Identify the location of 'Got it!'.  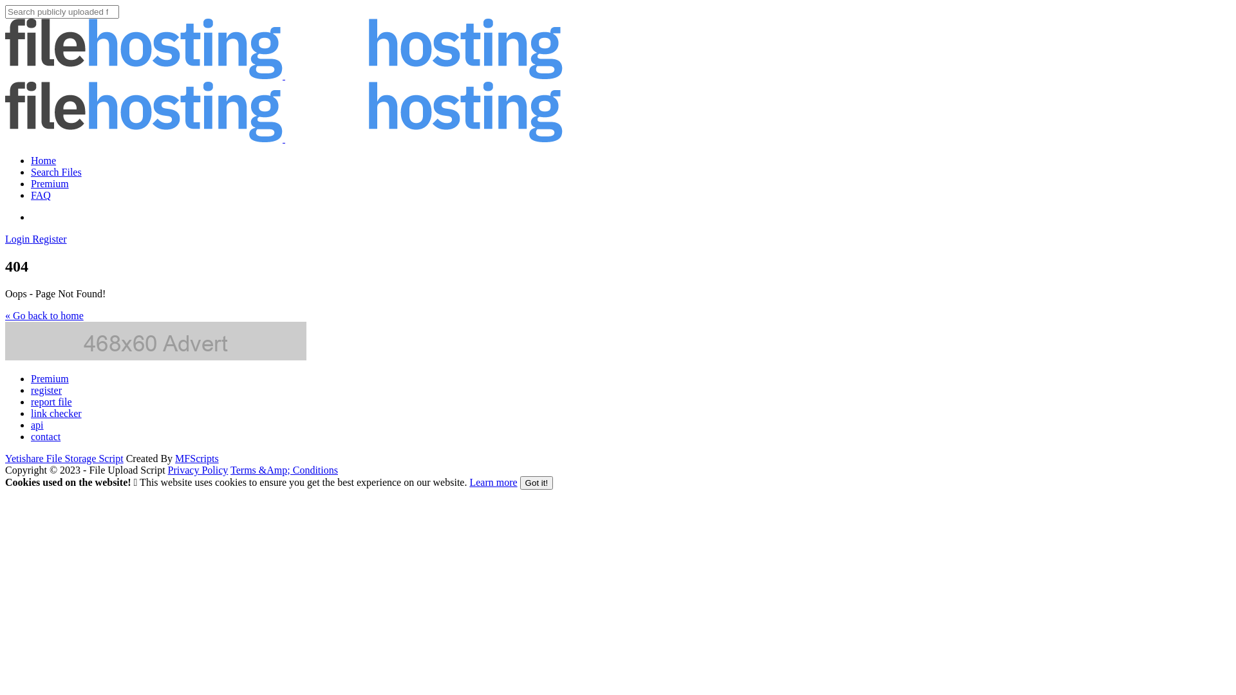
(537, 483).